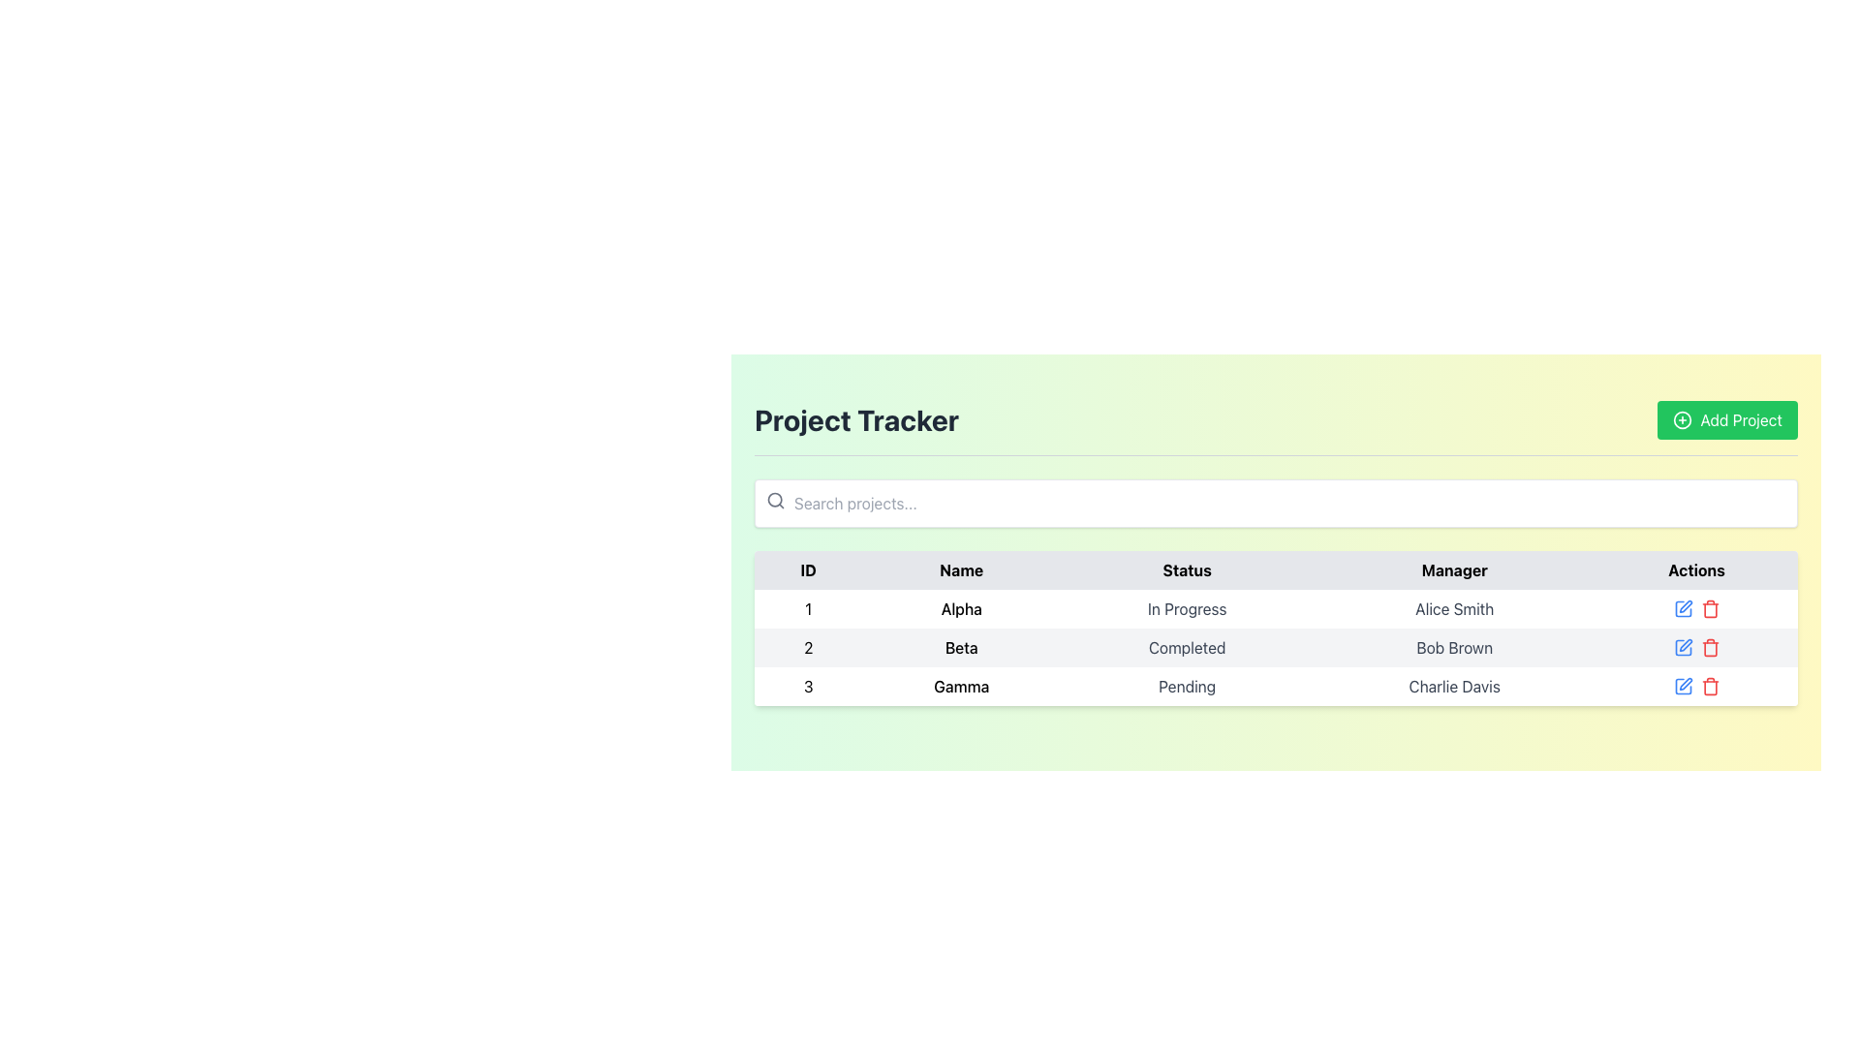  Describe the element at coordinates (1186, 569) in the screenshot. I see `the 'Status' header text label, which indicates the type of data in the status column of the table` at that location.